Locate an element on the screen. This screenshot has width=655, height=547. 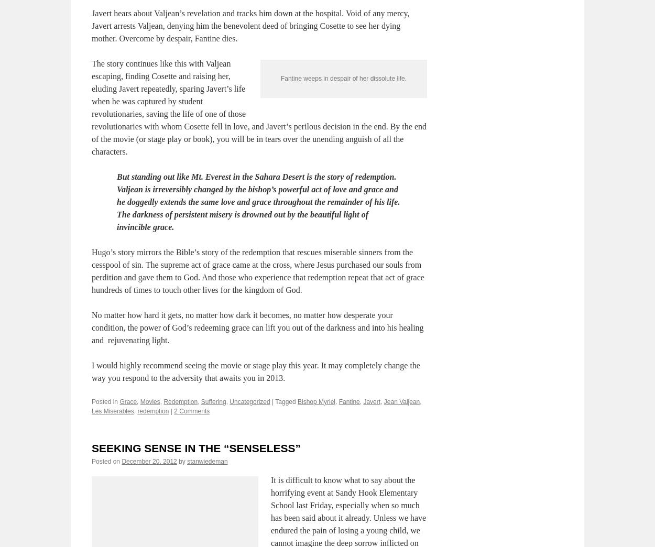
'Bishop Myriel' is located at coordinates (316, 452).